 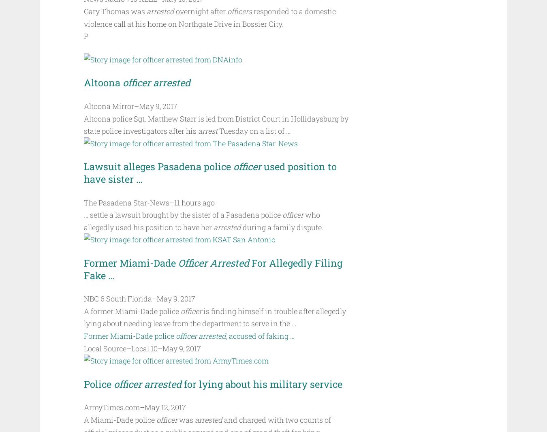 I want to click on 'Altoona police Sgt. Matthew Starr is led from District Court in Hollidaysburg by state police investigators after his', so click(x=215, y=124).